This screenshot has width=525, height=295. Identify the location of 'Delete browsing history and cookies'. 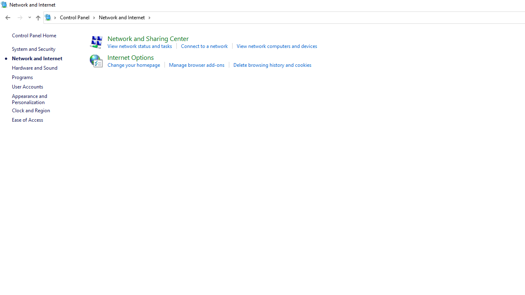
(272, 64).